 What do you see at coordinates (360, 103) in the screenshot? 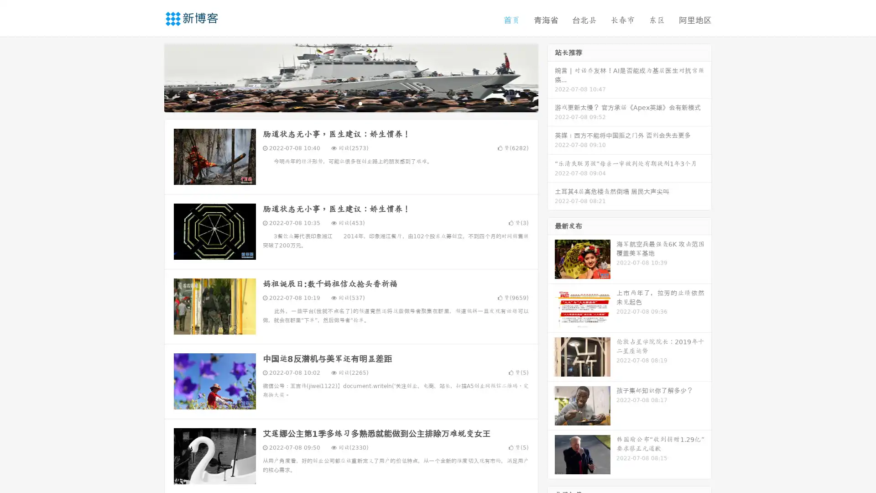
I see `Go to slide 3` at bounding box center [360, 103].